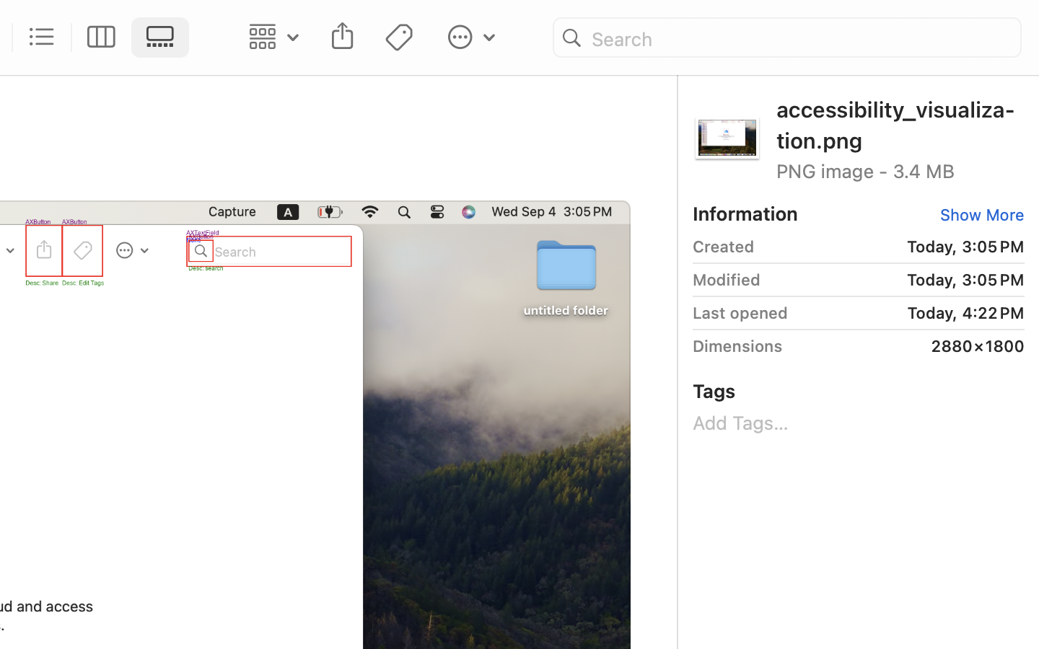  What do you see at coordinates (737, 345) in the screenshot?
I see `'Dimensions'` at bounding box center [737, 345].